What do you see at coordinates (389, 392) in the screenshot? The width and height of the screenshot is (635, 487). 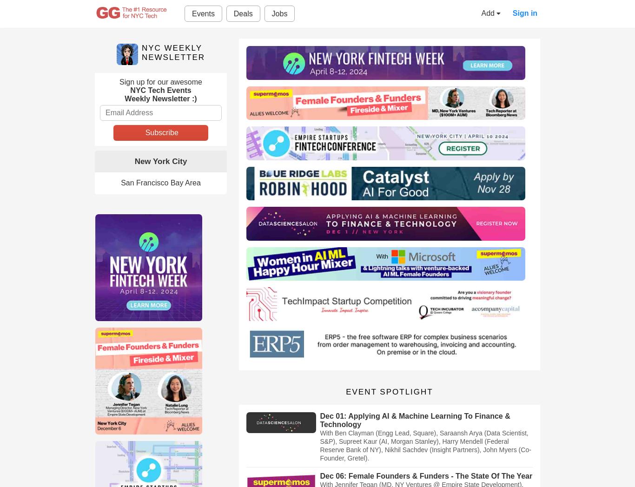 I see `'EVENT SPOTLIGHT'` at bounding box center [389, 392].